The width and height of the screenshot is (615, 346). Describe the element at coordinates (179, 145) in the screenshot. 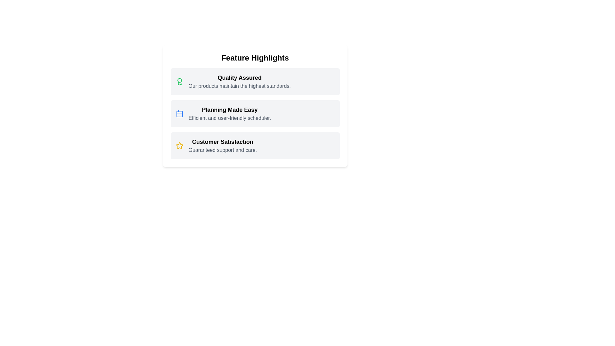

I see `the five-pointed star icon with a golden yellow outline, which serves as a rating or decorative symbol, centrally located within the feature section` at that location.